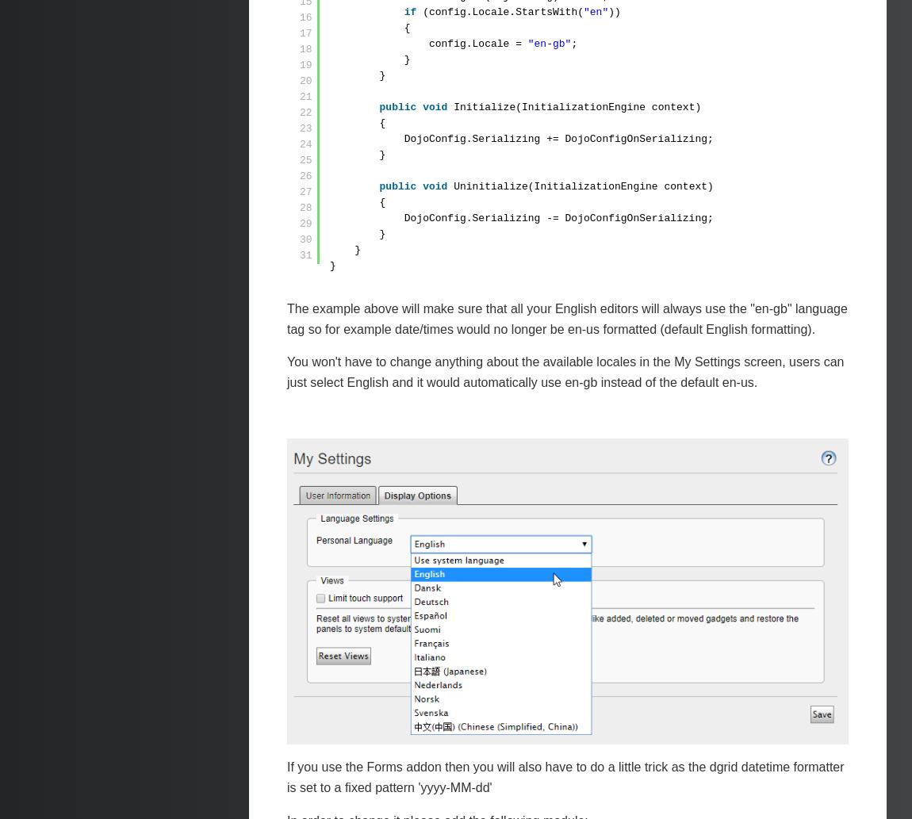  What do you see at coordinates (305, 144) in the screenshot?
I see `'24'` at bounding box center [305, 144].